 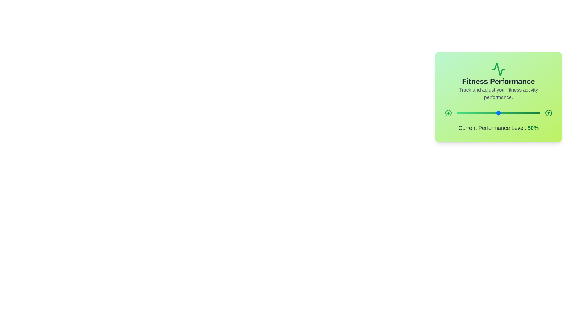 I want to click on the slider to set the performance level to 94%, so click(x=535, y=113).